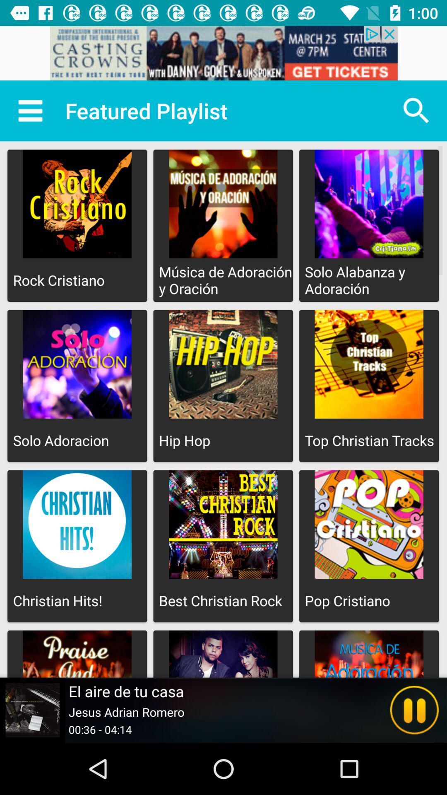  Describe the element at coordinates (414, 710) in the screenshot. I see `the pause icon at the right corner of the screen` at that location.